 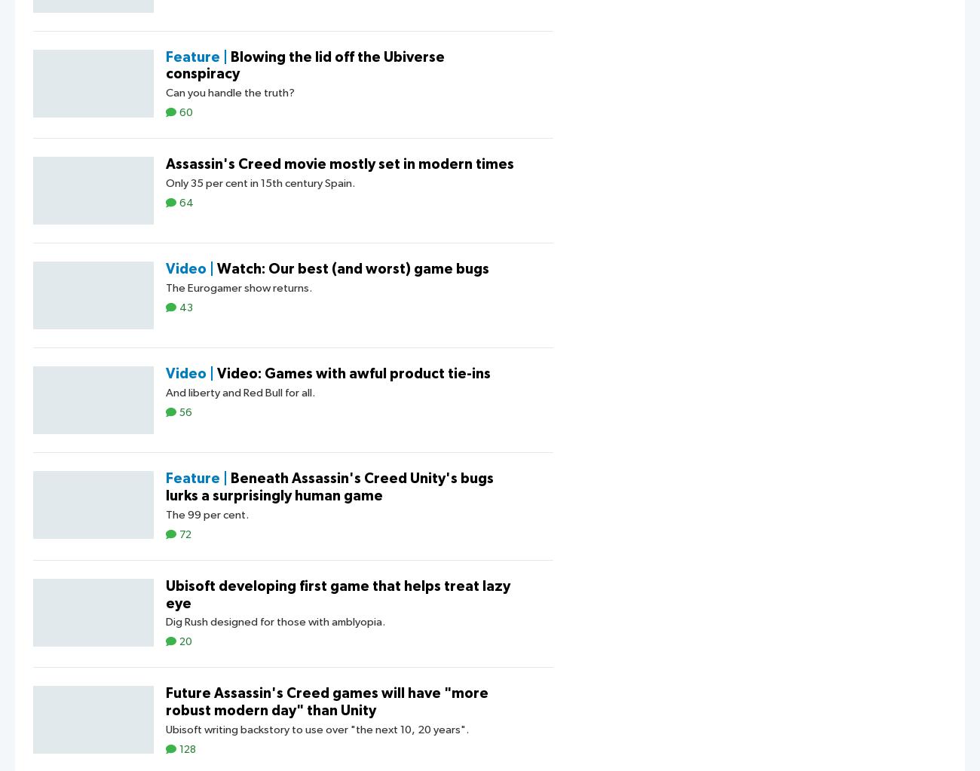 What do you see at coordinates (240, 391) in the screenshot?
I see `'And liberty and Red Bull for all.'` at bounding box center [240, 391].